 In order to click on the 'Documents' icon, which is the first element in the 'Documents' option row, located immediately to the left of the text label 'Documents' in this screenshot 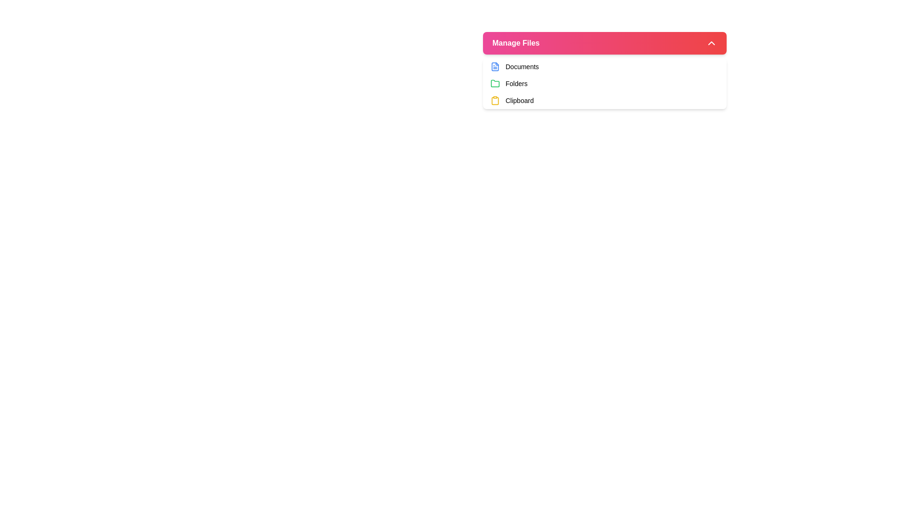, I will do `click(494, 66)`.